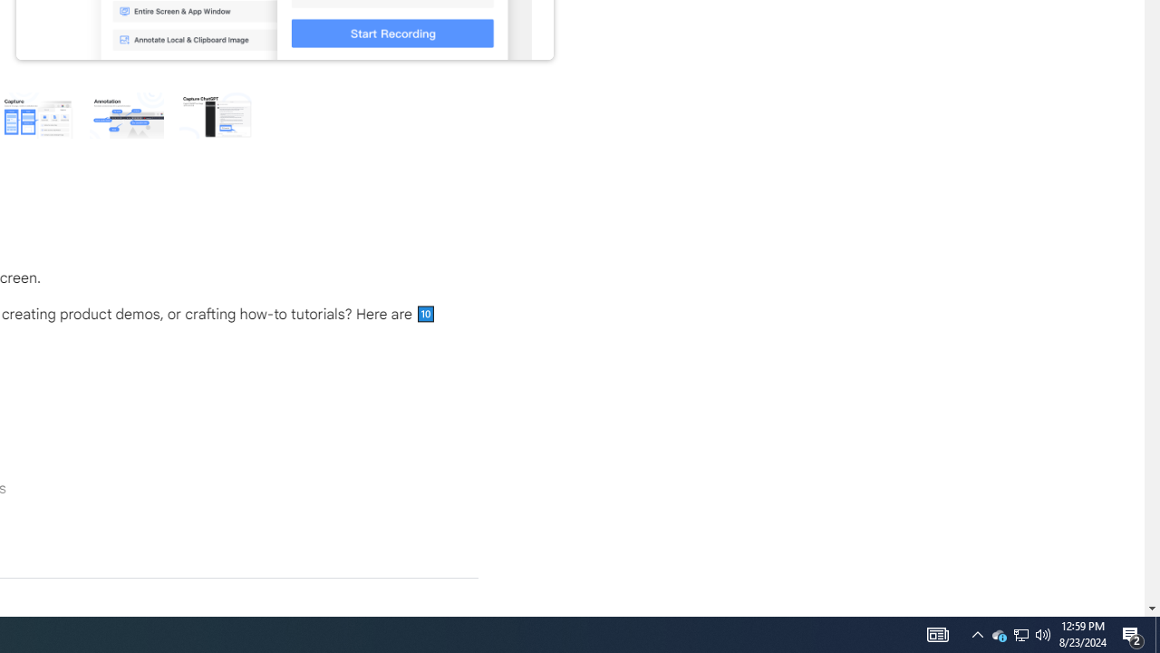 The image size is (1160, 653). I want to click on 'Q2790: 100%', so click(1043, 633).